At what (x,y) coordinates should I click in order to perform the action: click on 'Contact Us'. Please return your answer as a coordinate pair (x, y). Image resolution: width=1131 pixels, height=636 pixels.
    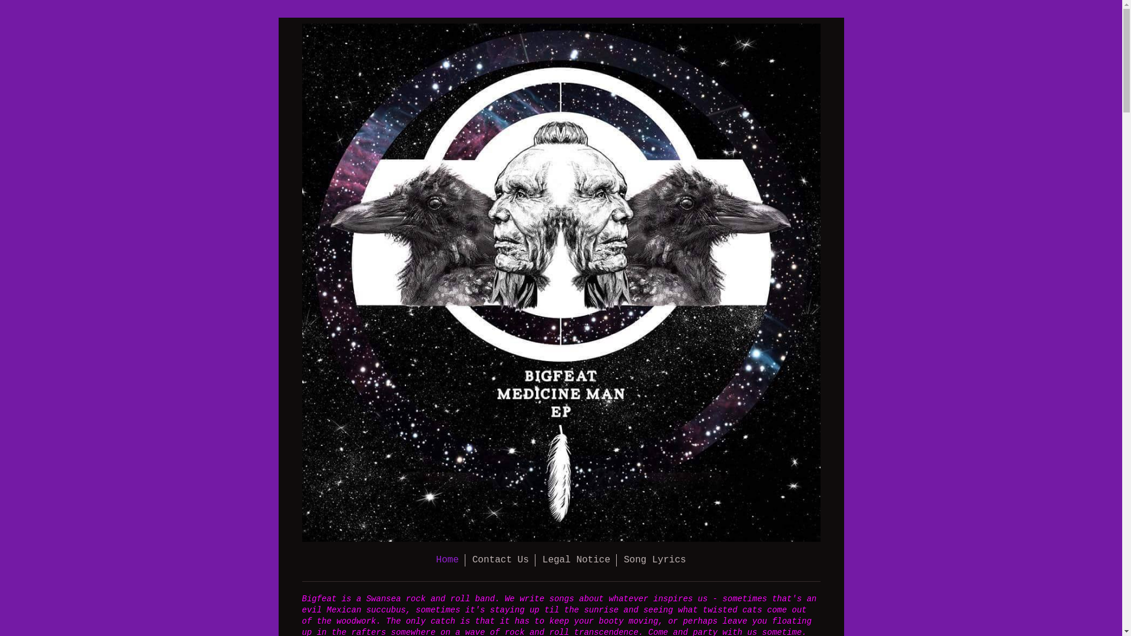
    Looking at the image, I should click on (501, 559).